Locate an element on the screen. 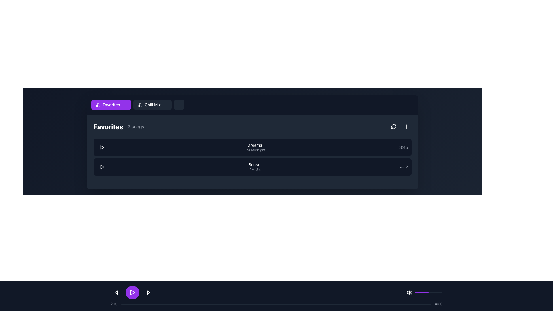 Image resolution: width=553 pixels, height=311 pixels. the 'Skip Back' button, which is a compact icon with a backward triangle-like arrow located in the bottom control bar is located at coordinates (115, 292).